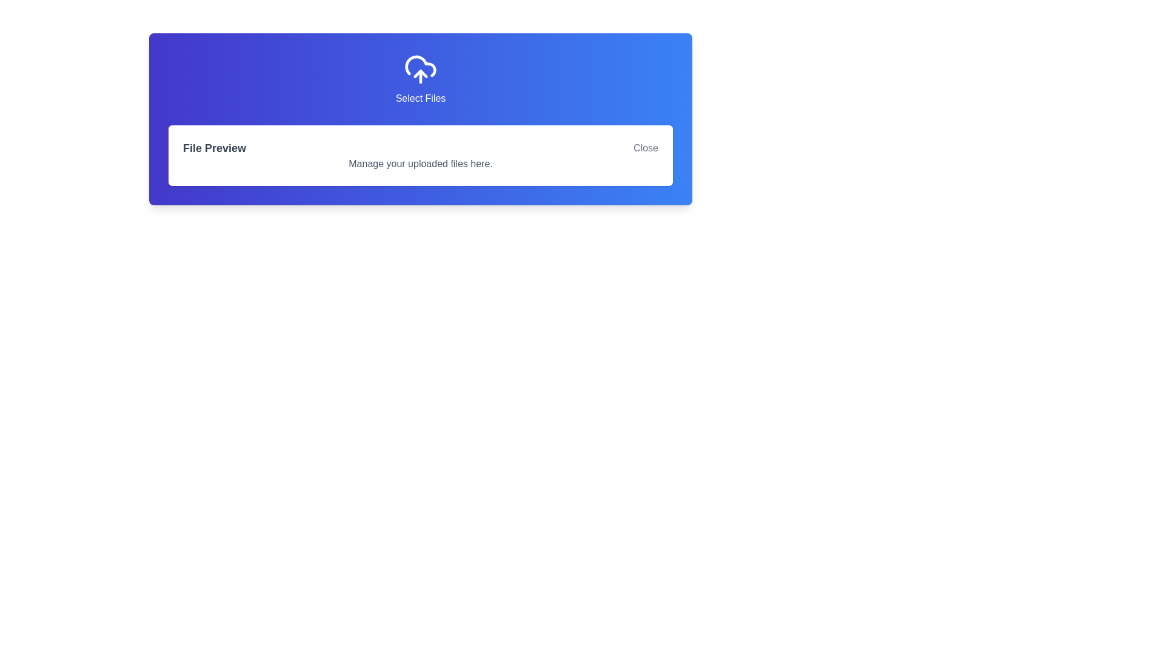 The image size is (1164, 654). Describe the element at coordinates (421, 79) in the screenshot. I see `the Interactive Label or Button that initiates the file selection or uploading process for visual feedback` at that location.